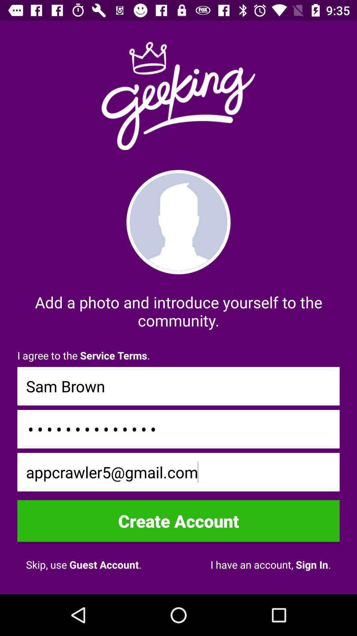 This screenshot has height=636, width=357. I want to click on self photo, so click(178, 222).